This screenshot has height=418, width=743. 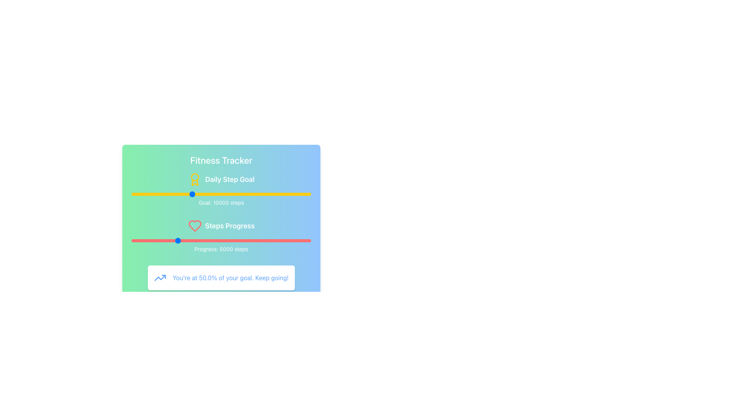 I want to click on the daily step goal, so click(x=290, y=194).